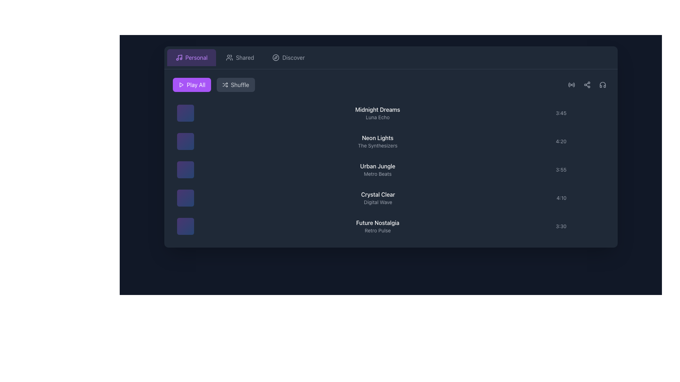 The width and height of the screenshot is (680, 382). Describe the element at coordinates (186, 169) in the screenshot. I see `the third play button located in the vertical list of play icons` at that location.